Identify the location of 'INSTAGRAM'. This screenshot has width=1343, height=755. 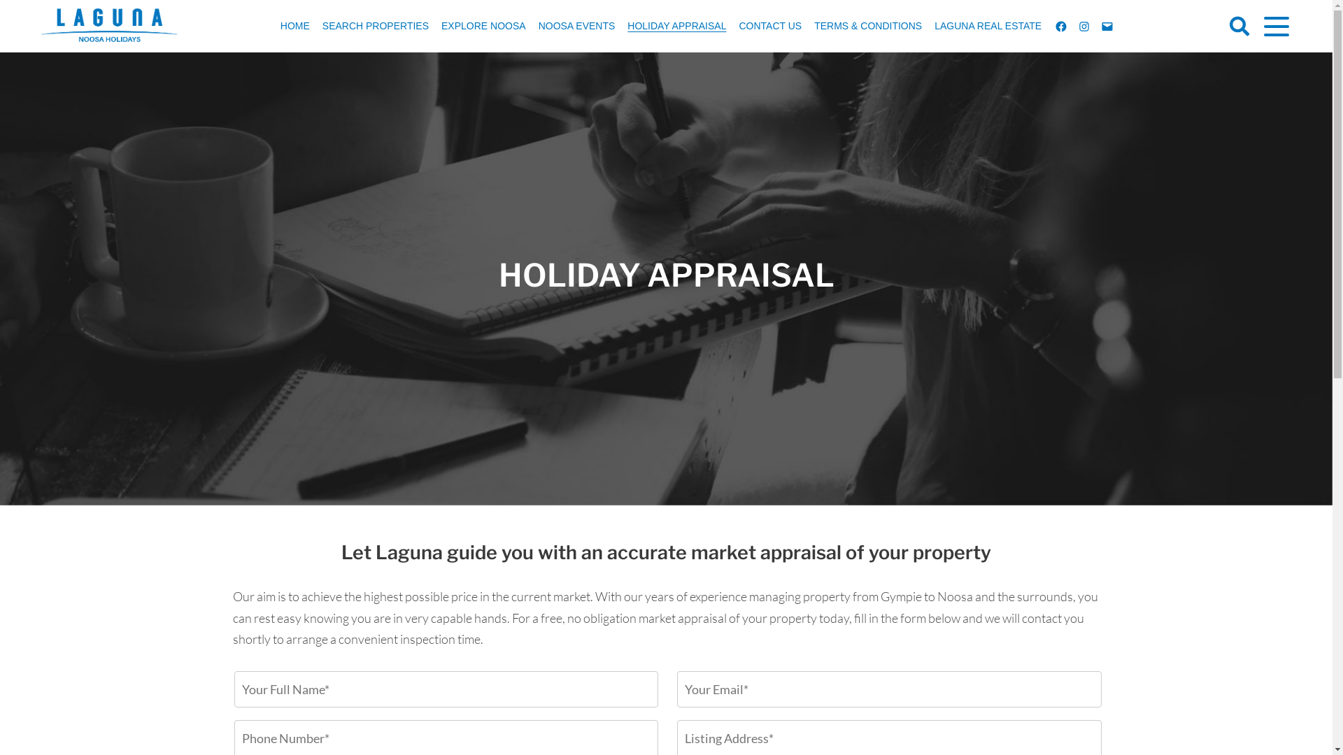
(1083, 26).